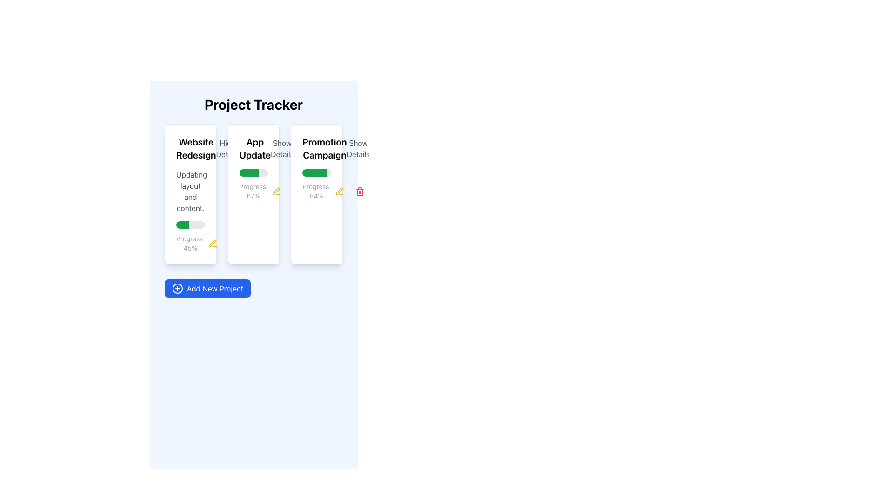  What do you see at coordinates (317, 191) in the screenshot?
I see `text displayed in the Text Display element that shows 'Progress: 84%' located below the green progress bar in the 'Promotion Campaign' section` at bounding box center [317, 191].